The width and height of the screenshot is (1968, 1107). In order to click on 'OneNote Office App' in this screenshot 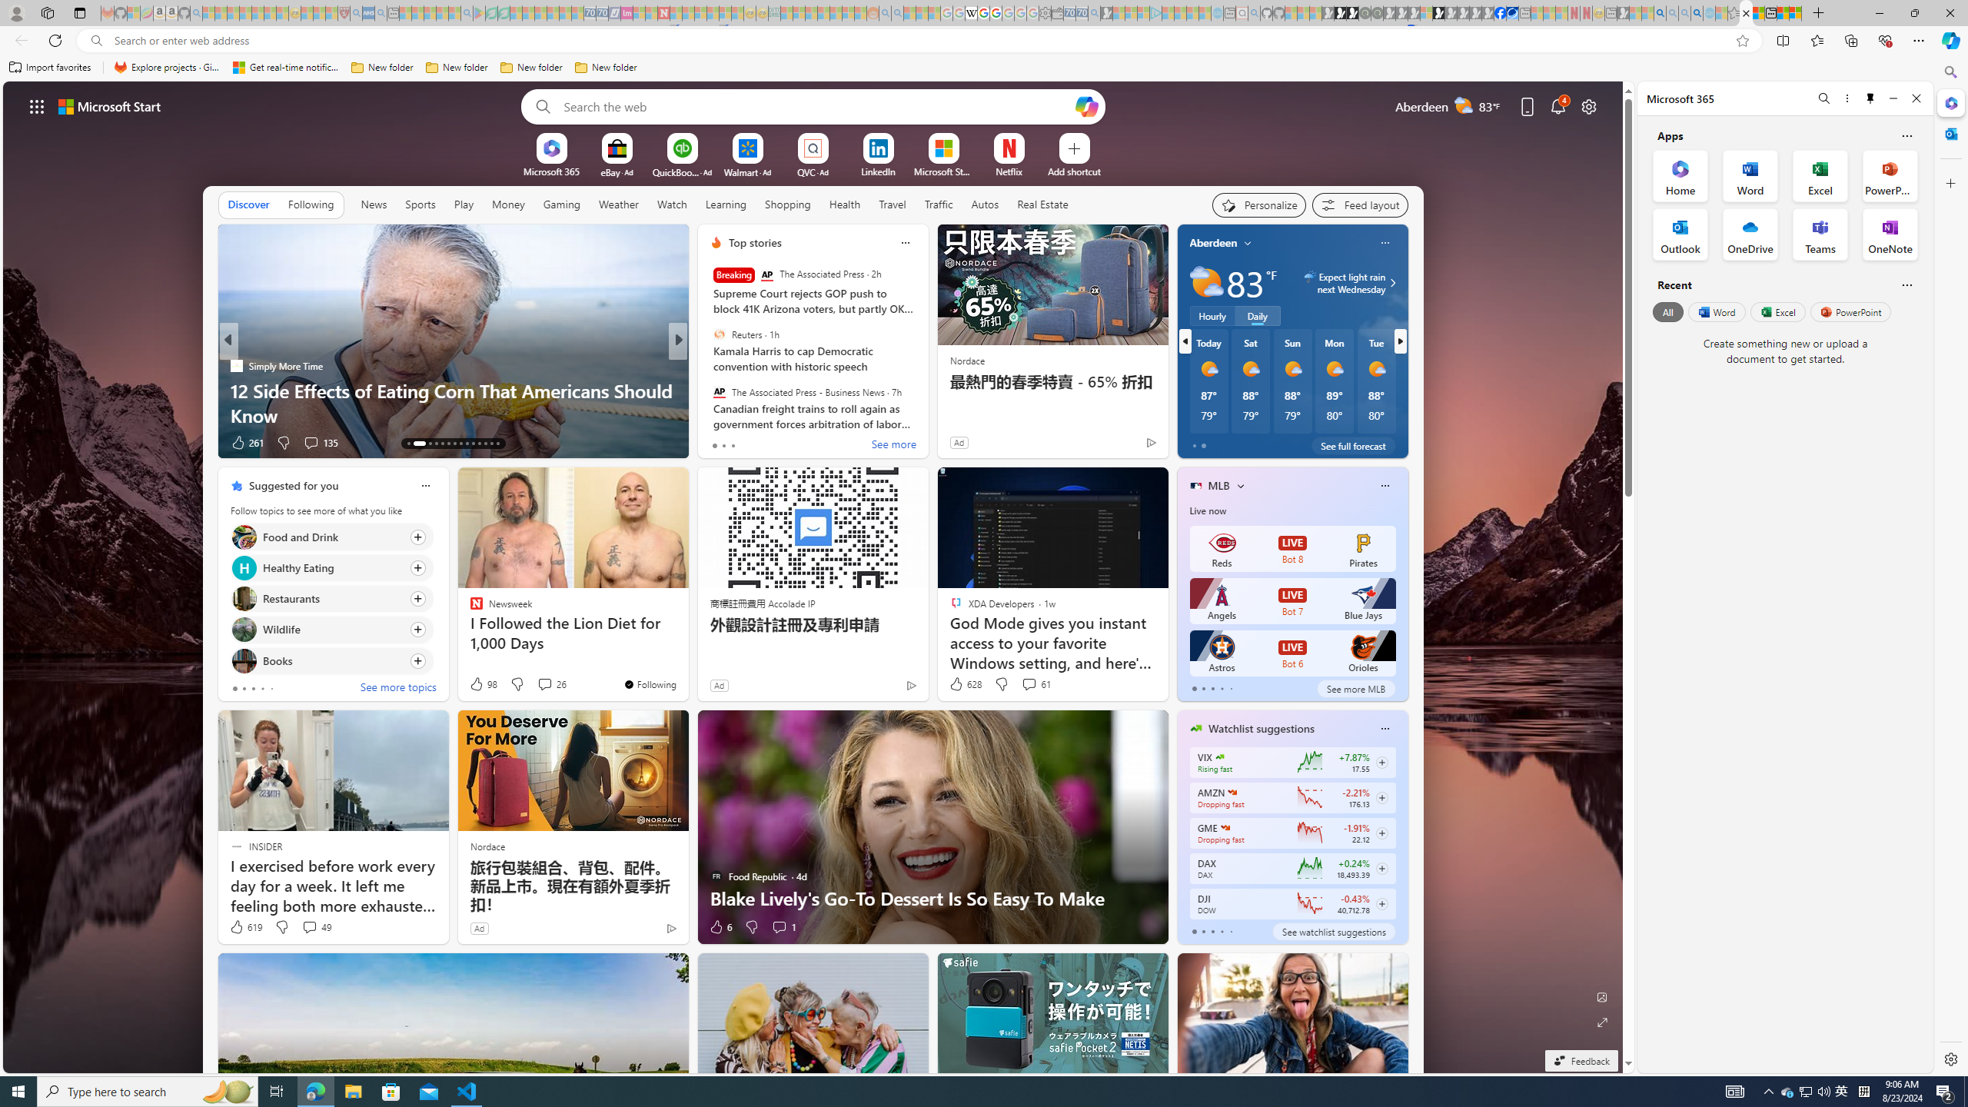, I will do `click(1890, 233)`.